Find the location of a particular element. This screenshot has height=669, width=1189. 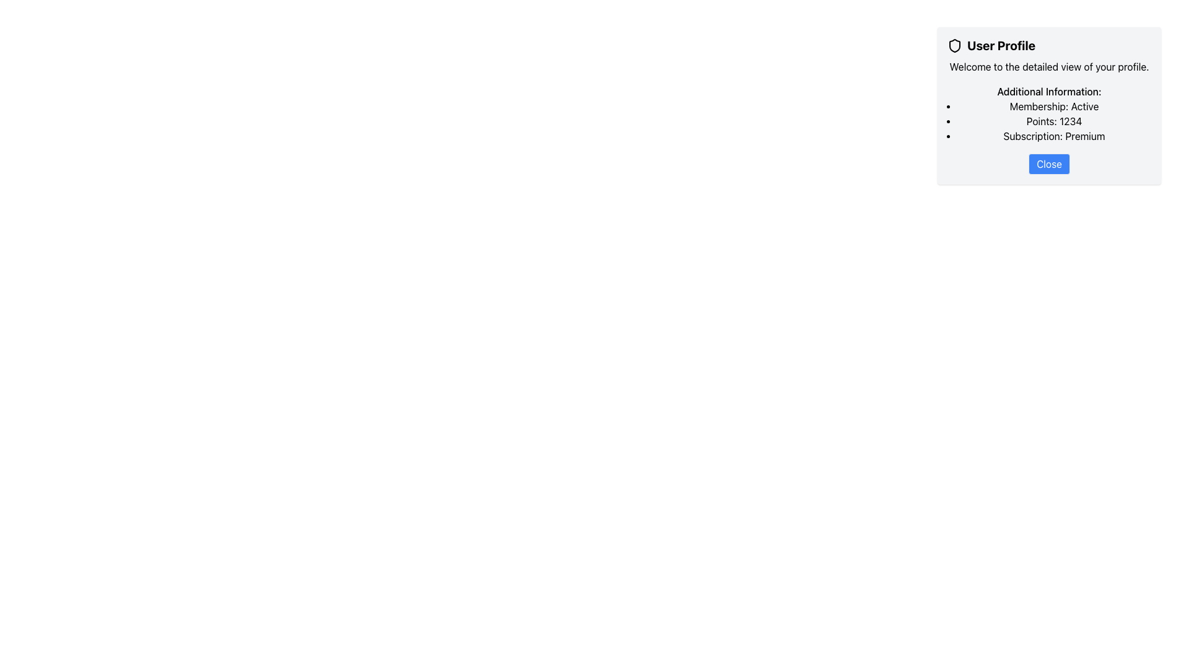

the text block labeled 'Additional Information:' which includes details such as 'Membership: Active', 'Points: 1234', and 'Subscription: Premium' is located at coordinates (1048, 114).